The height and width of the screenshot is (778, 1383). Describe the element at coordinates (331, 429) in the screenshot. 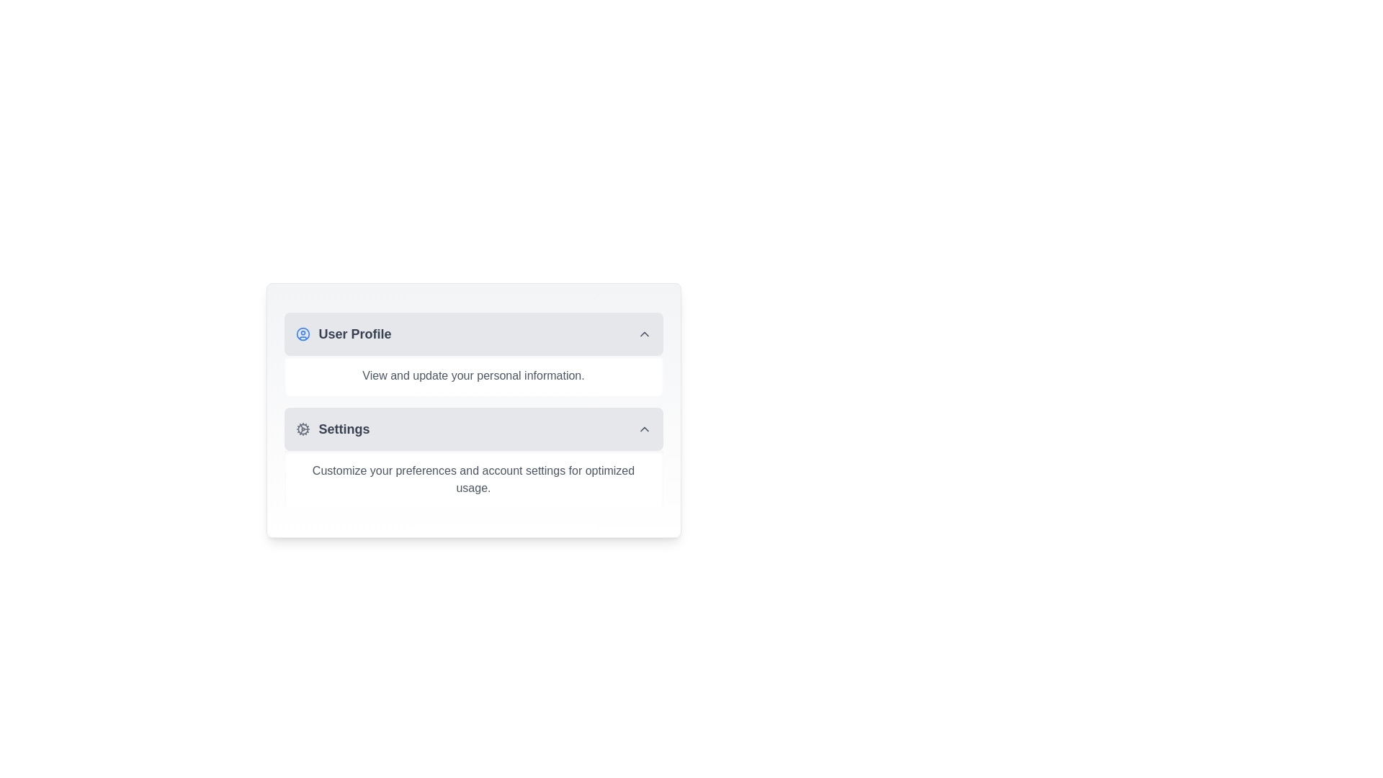

I see `the 'Settings' button, which features a gray cog icon followed by the text 'Settings', located in the second block under the 'User Profile' header` at that location.